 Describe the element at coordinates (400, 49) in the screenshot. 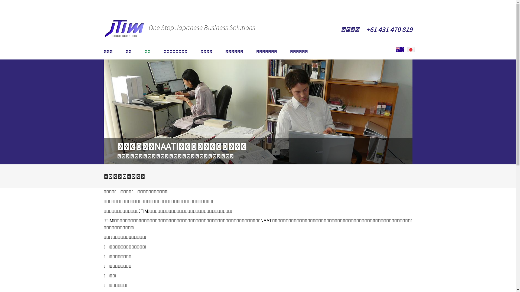

I see `'Translator'` at that location.